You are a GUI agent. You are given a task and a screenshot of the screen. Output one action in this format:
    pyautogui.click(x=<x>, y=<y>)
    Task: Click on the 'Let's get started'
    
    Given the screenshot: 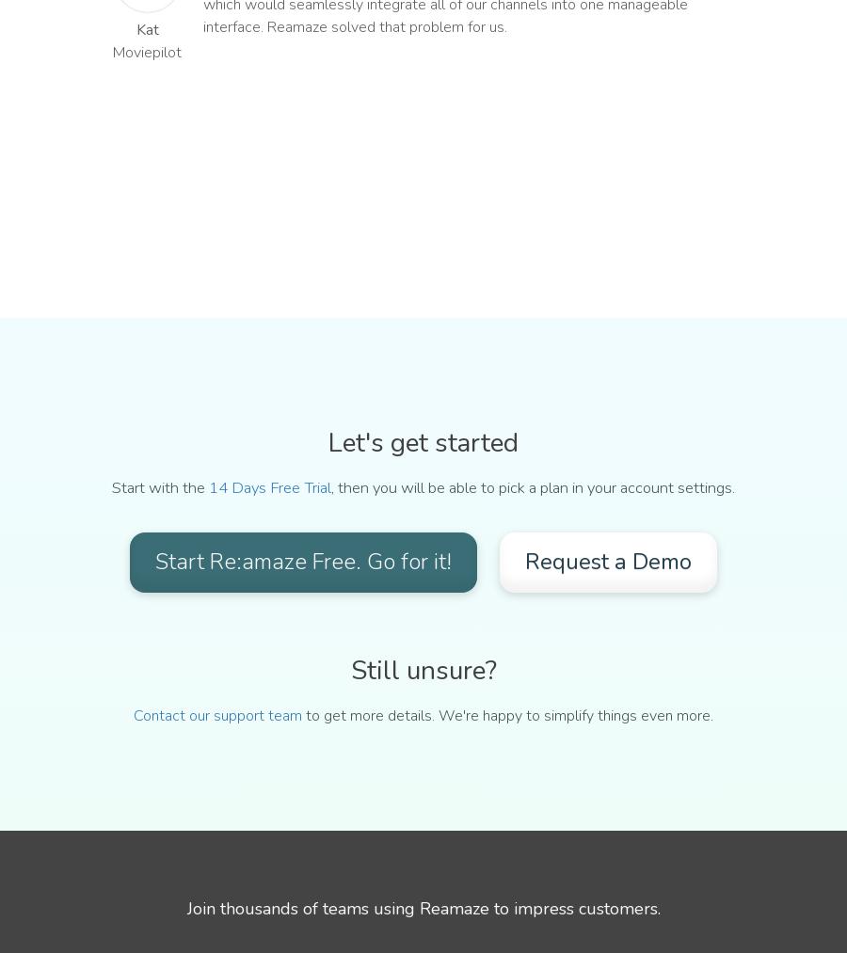 What is the action you would take?
    pyautogui.click(x=423, y=441)
    